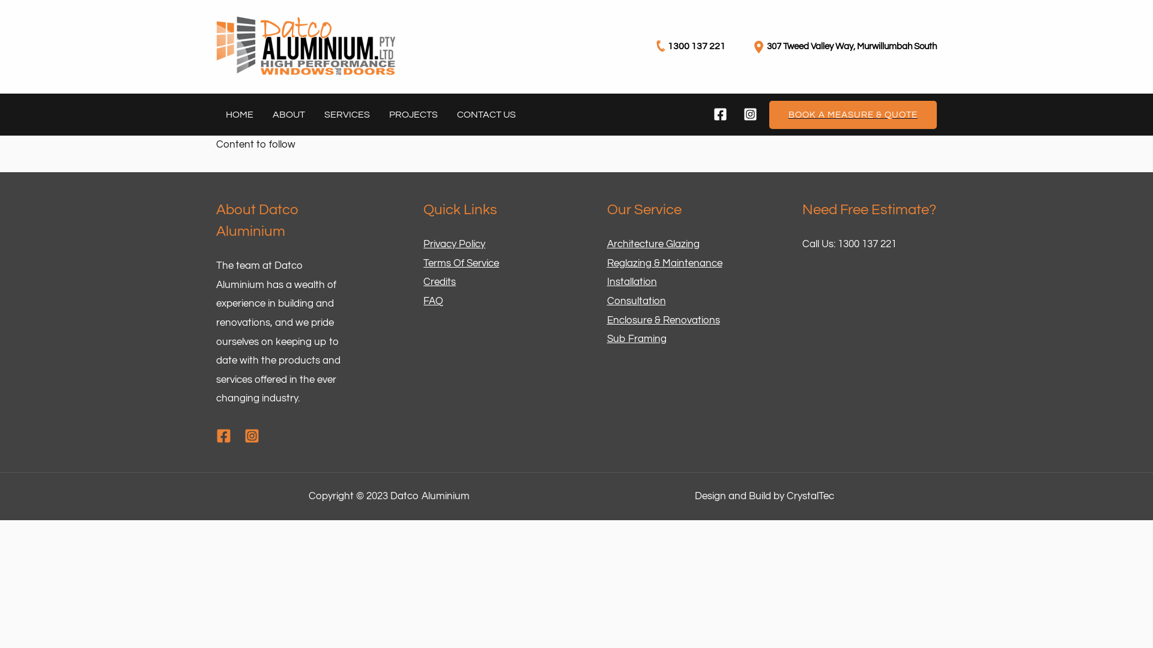 This screenshot has height=648, width=1153. I want to click on 'FAQ', so click(432, 300).